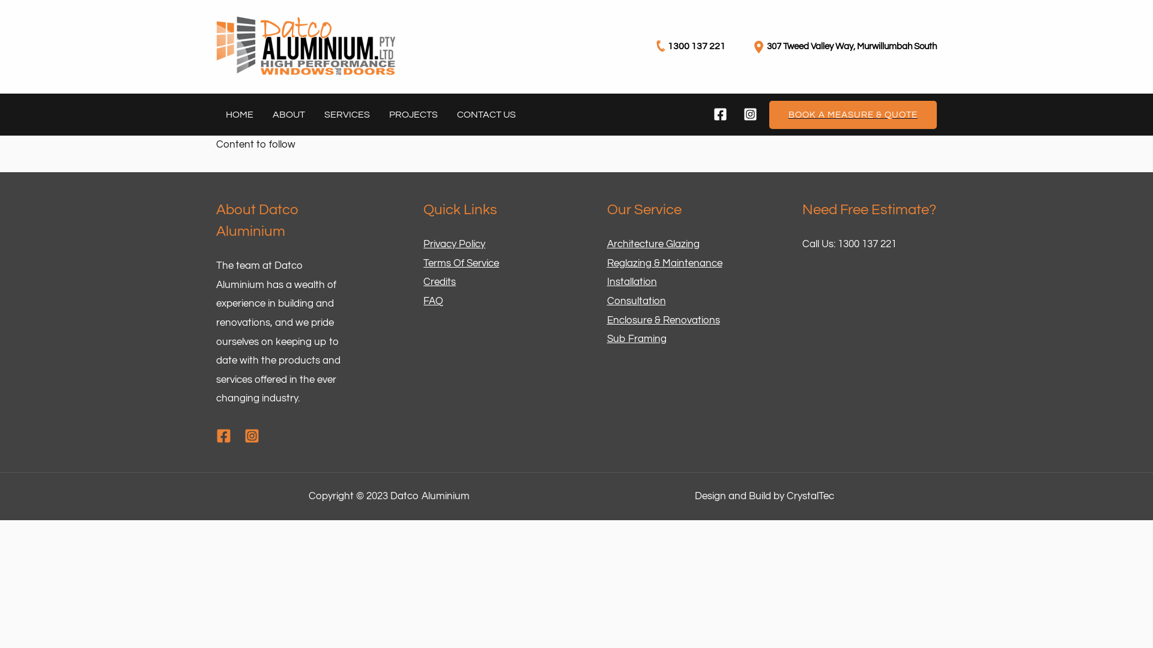 This screenshot has height=648, width=1153. I want to click on 'FAQ', so click(432, 300).